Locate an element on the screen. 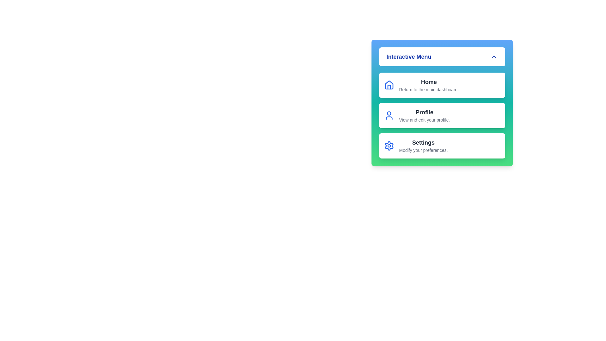  the top button labeled 'Interactive Menu' to toggle the menu visibility is located at coordinates (442, 57).